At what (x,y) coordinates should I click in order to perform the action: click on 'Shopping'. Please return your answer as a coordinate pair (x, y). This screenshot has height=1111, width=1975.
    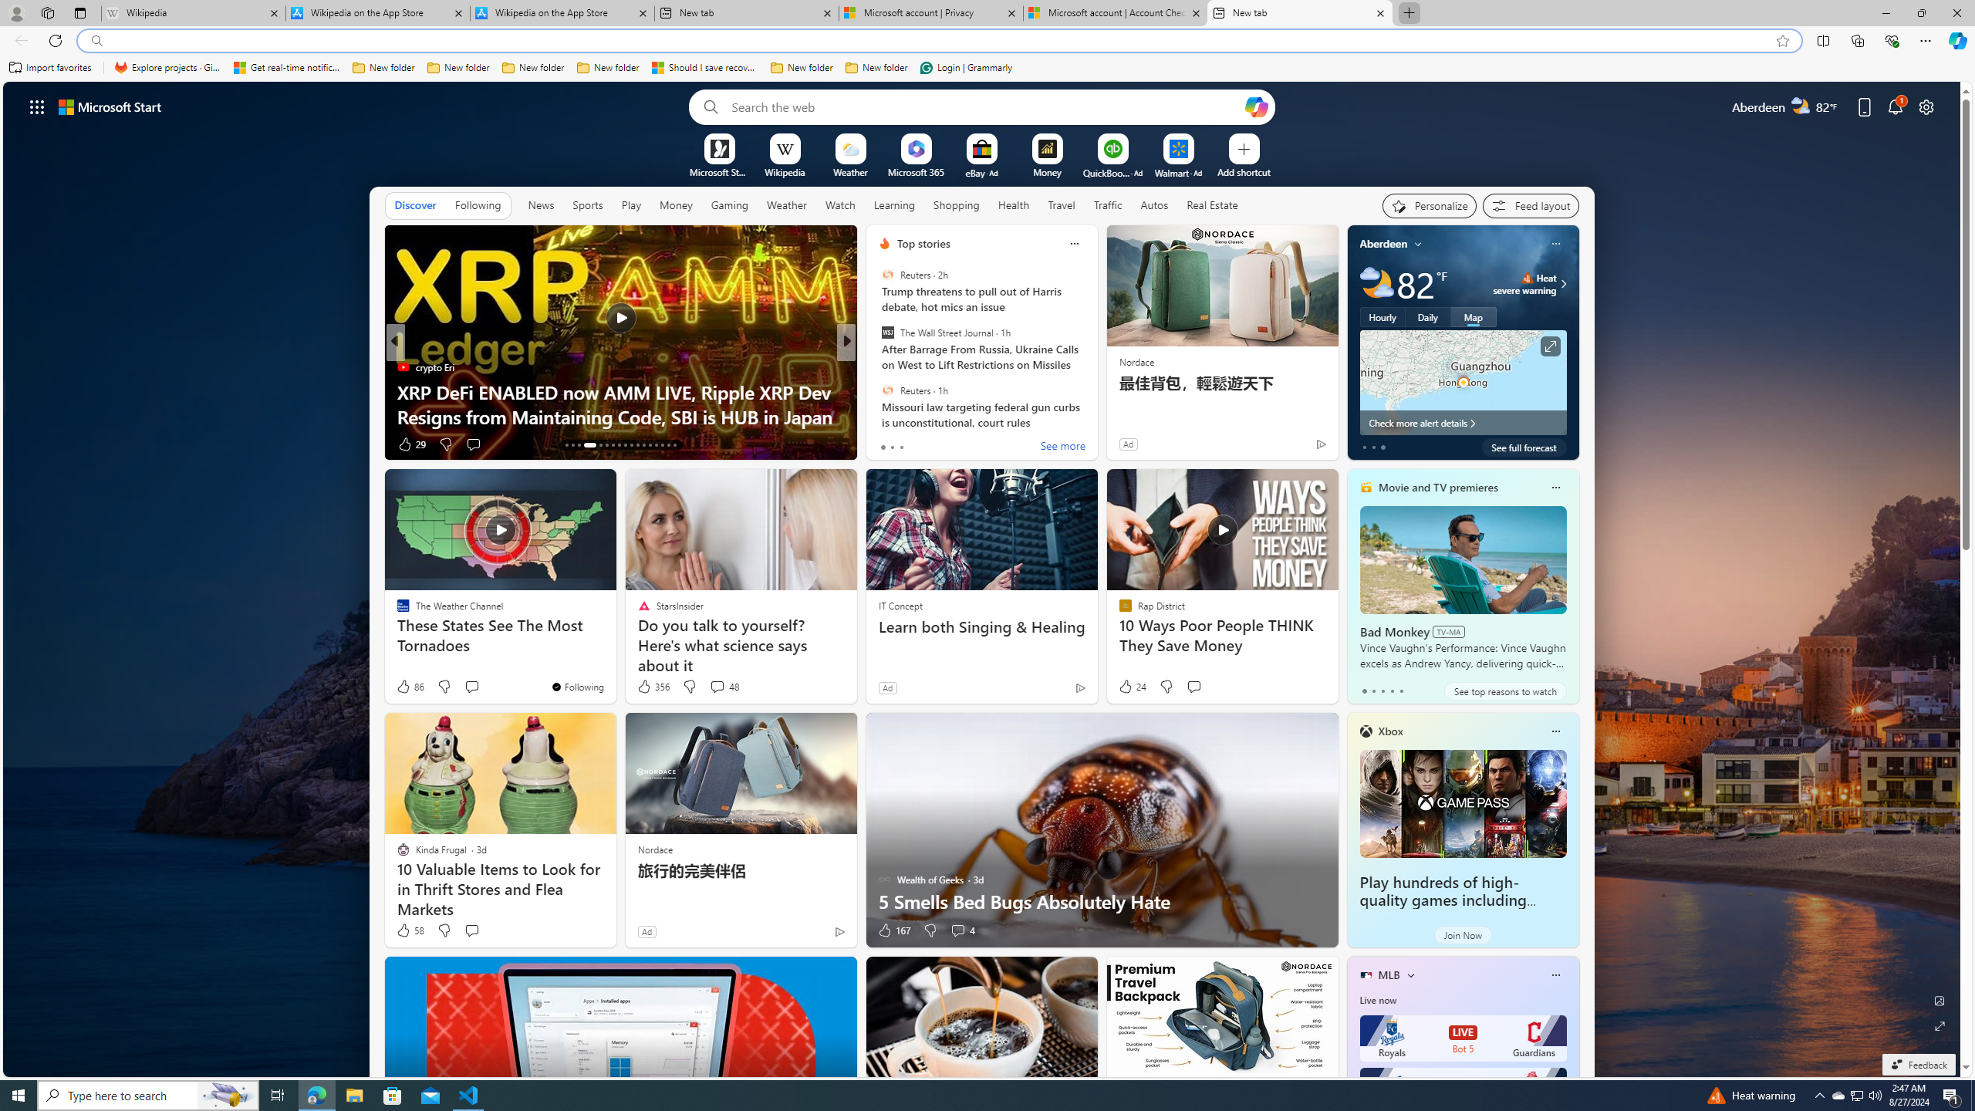
    Looking at the image, I should click on (956, 204).